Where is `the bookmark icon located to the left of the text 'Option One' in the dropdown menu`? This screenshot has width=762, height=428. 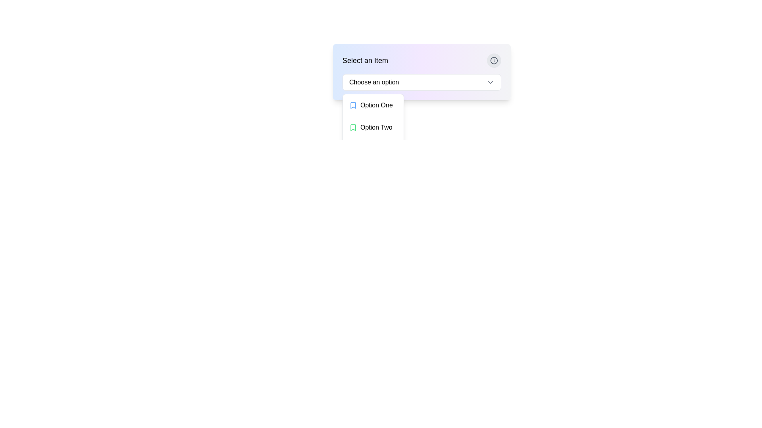
the bookmark icon located to the left of the text 'Option One' in the dropdown menu is located at coordinates (352, 105).